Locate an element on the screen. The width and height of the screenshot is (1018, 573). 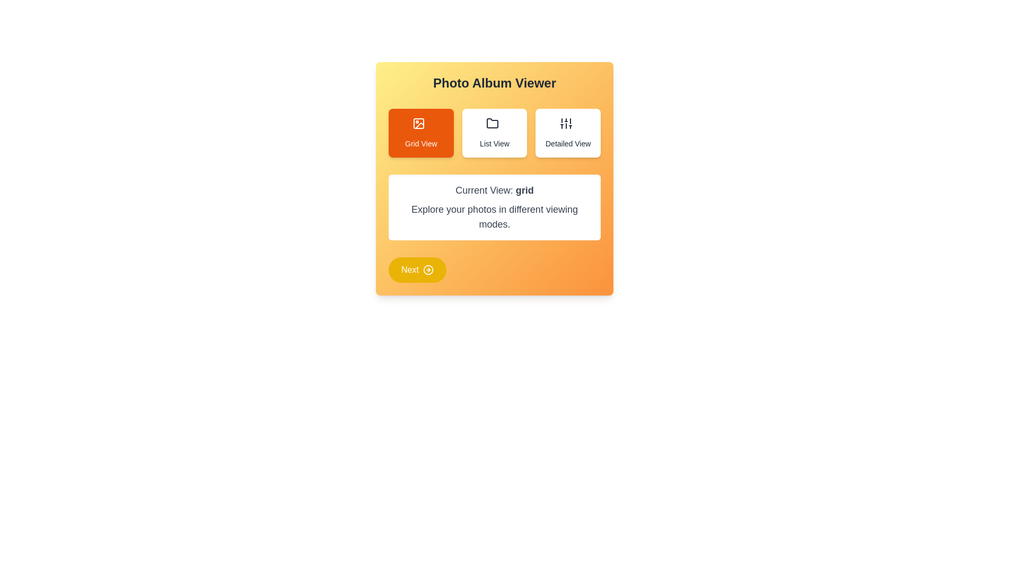
the informational text block displaying 'Current View: grid Explore your photos in different viewing modes.' is located at coordinates (494, 207).